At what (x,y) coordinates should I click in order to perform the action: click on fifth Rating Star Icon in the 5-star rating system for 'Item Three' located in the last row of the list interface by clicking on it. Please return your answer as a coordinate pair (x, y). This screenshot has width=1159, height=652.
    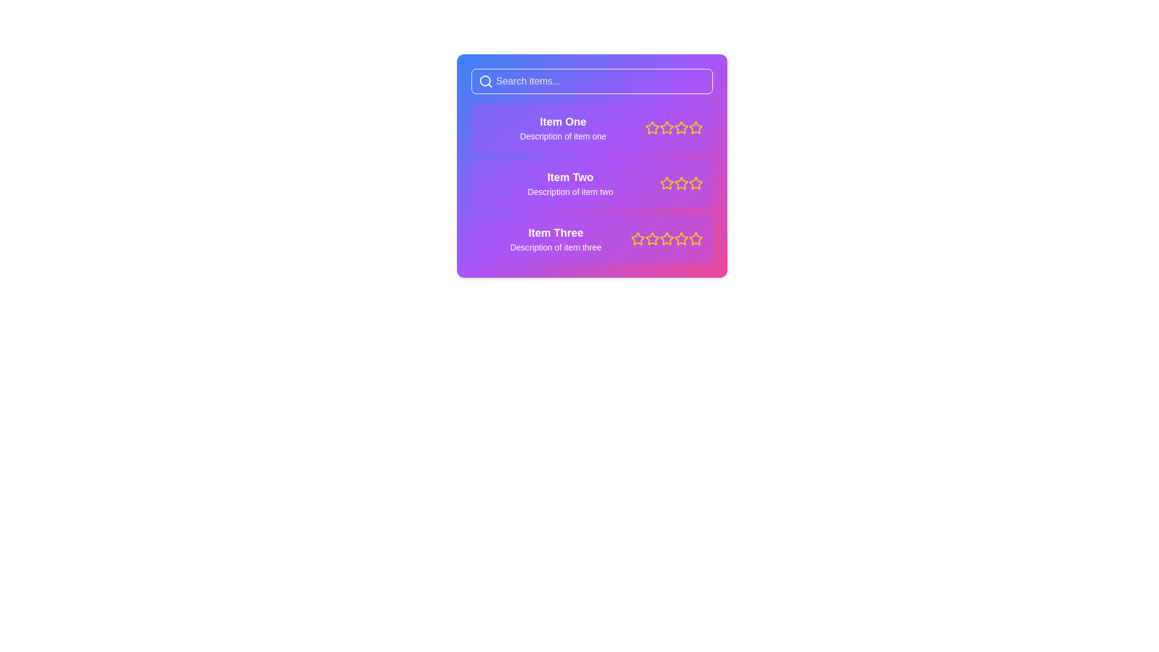
    Looking at the image, I should click on (681, 238).